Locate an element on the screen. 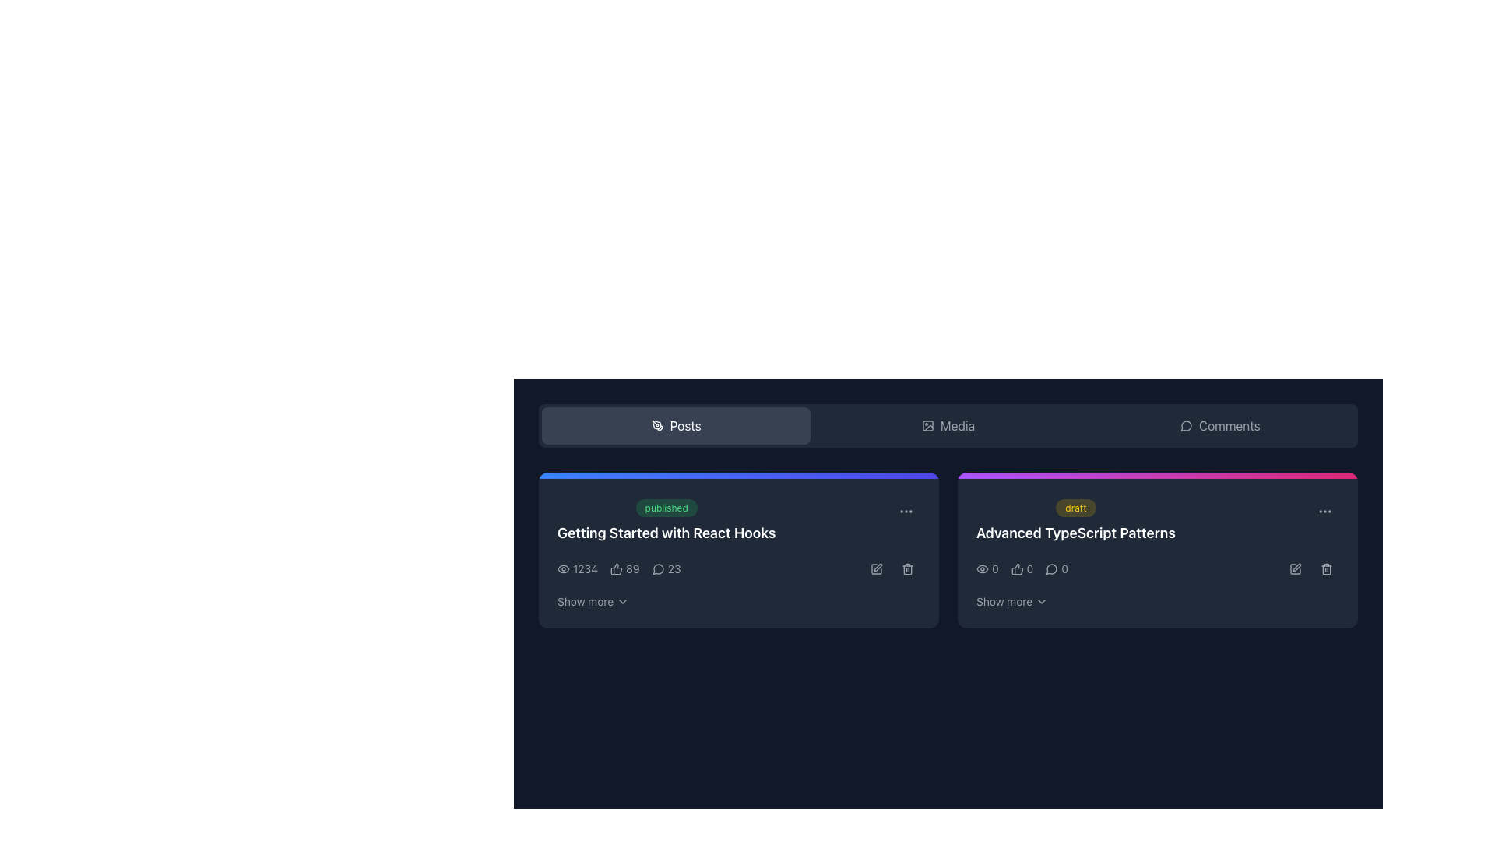 This screenshot has height=841, width=1495. the small button with a gray pen icon located in the lower-right corner of the 'Advanced TypeScript Patterns' card is located at coordinates (1296, 569).